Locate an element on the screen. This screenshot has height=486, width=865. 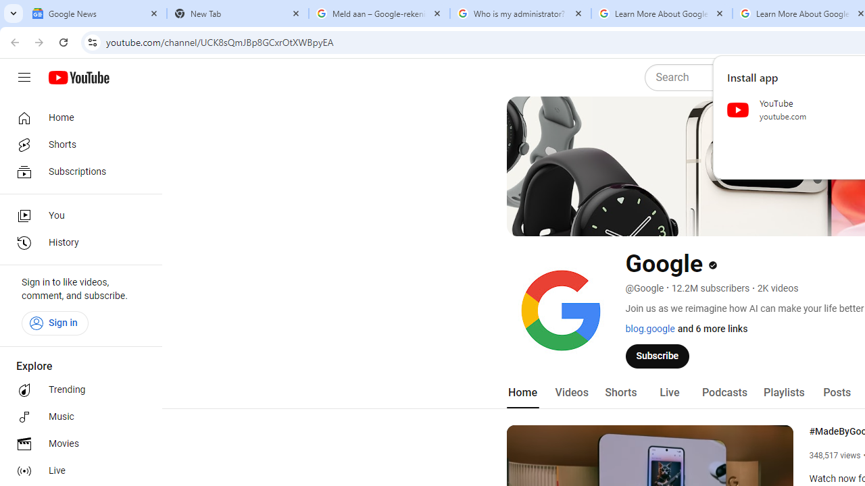
'Google News' is located at coordinates (95, 13).